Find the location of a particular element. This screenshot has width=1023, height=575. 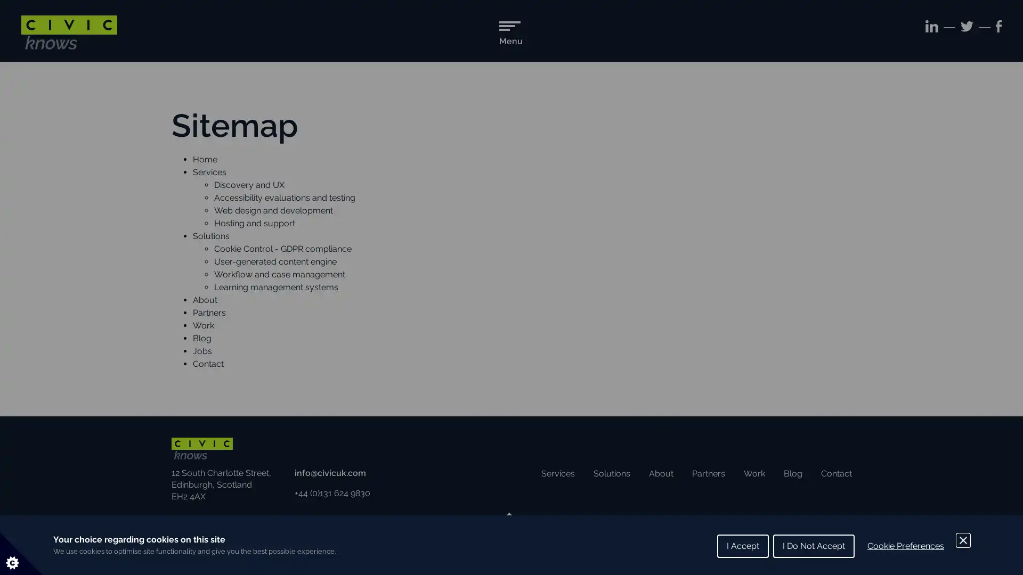

I Do Not Accept is located at coordinates (813, 546).